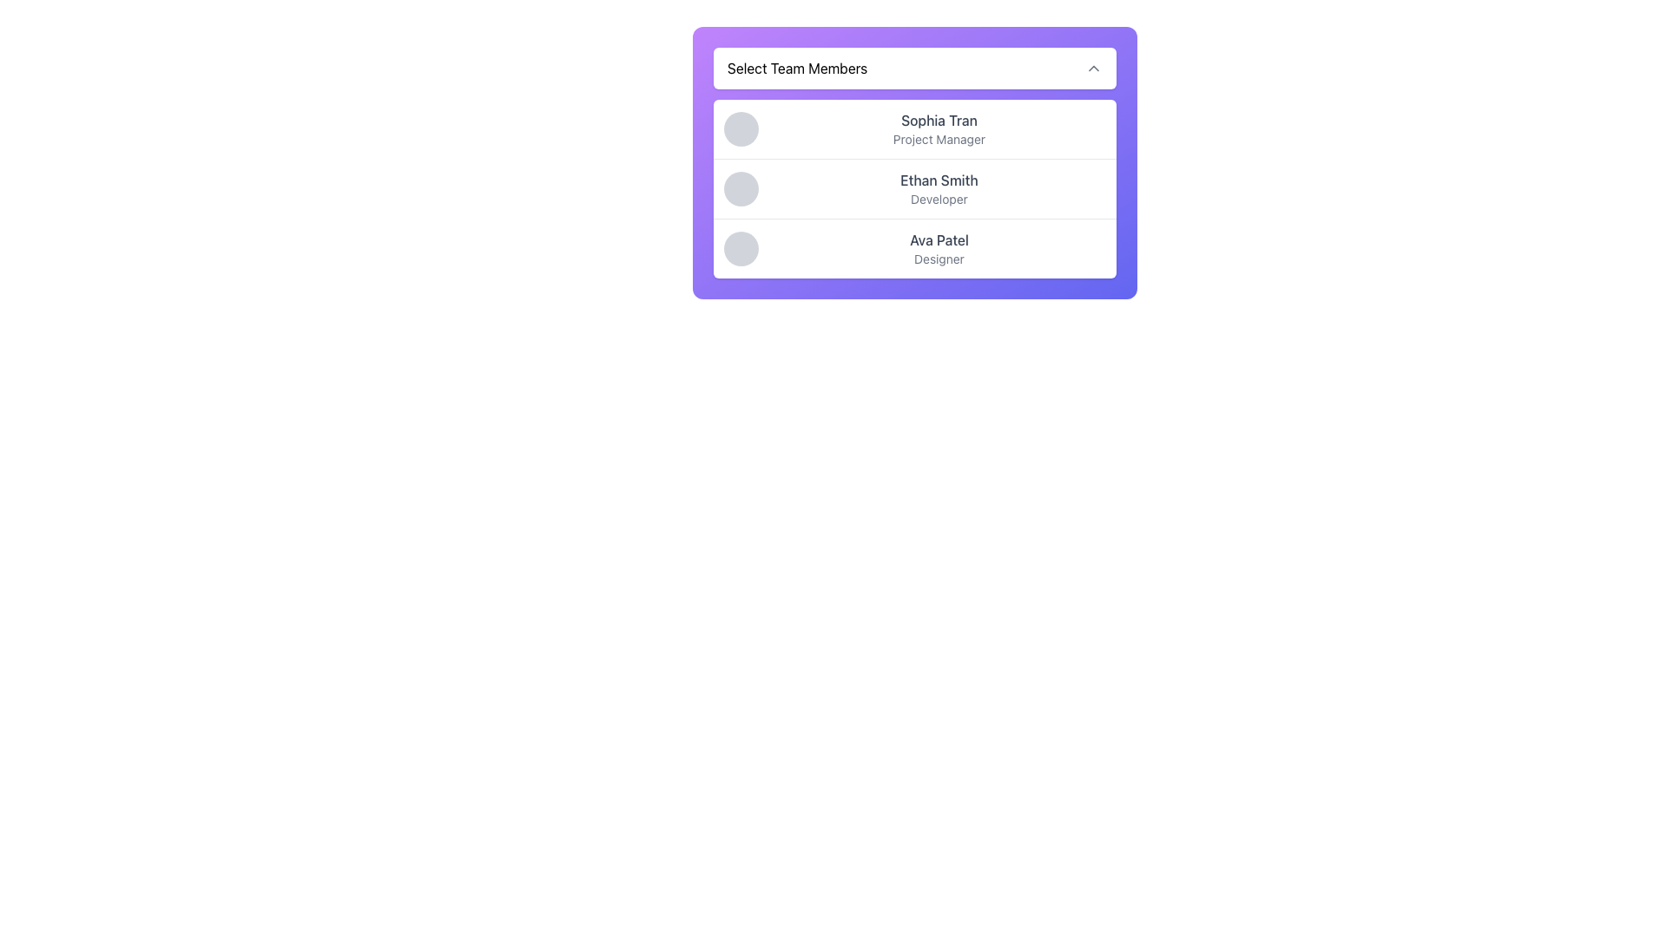 The image size is (1667, 937). What do you see at coordinates (914, 163) in the screenshot?
I see `the team member's card in the central component containing a list of selectable items` at bounding box center [914, 163].